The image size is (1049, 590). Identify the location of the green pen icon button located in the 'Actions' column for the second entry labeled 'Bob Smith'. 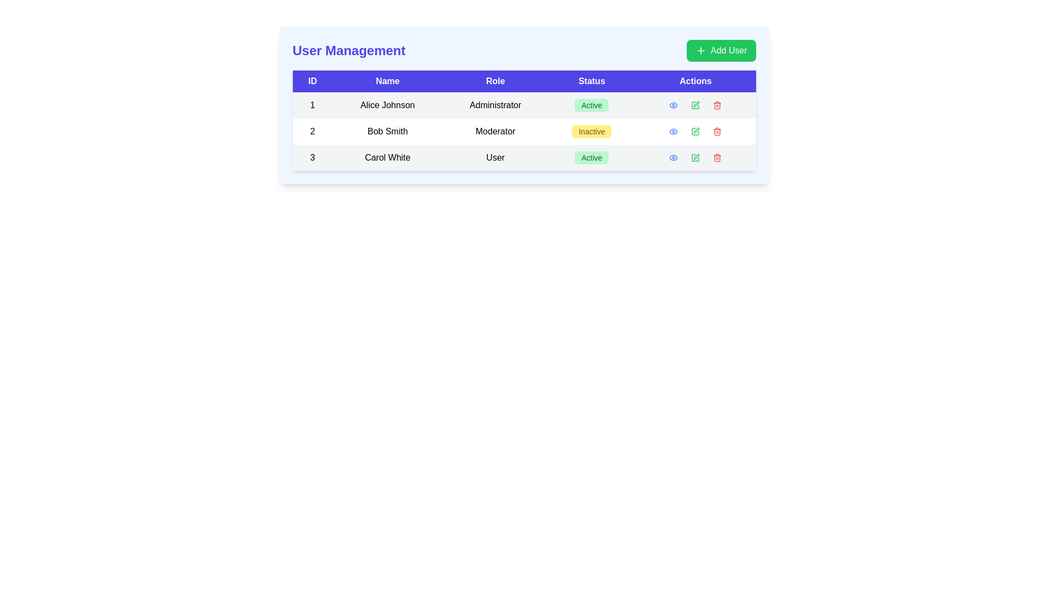
(695, 131).